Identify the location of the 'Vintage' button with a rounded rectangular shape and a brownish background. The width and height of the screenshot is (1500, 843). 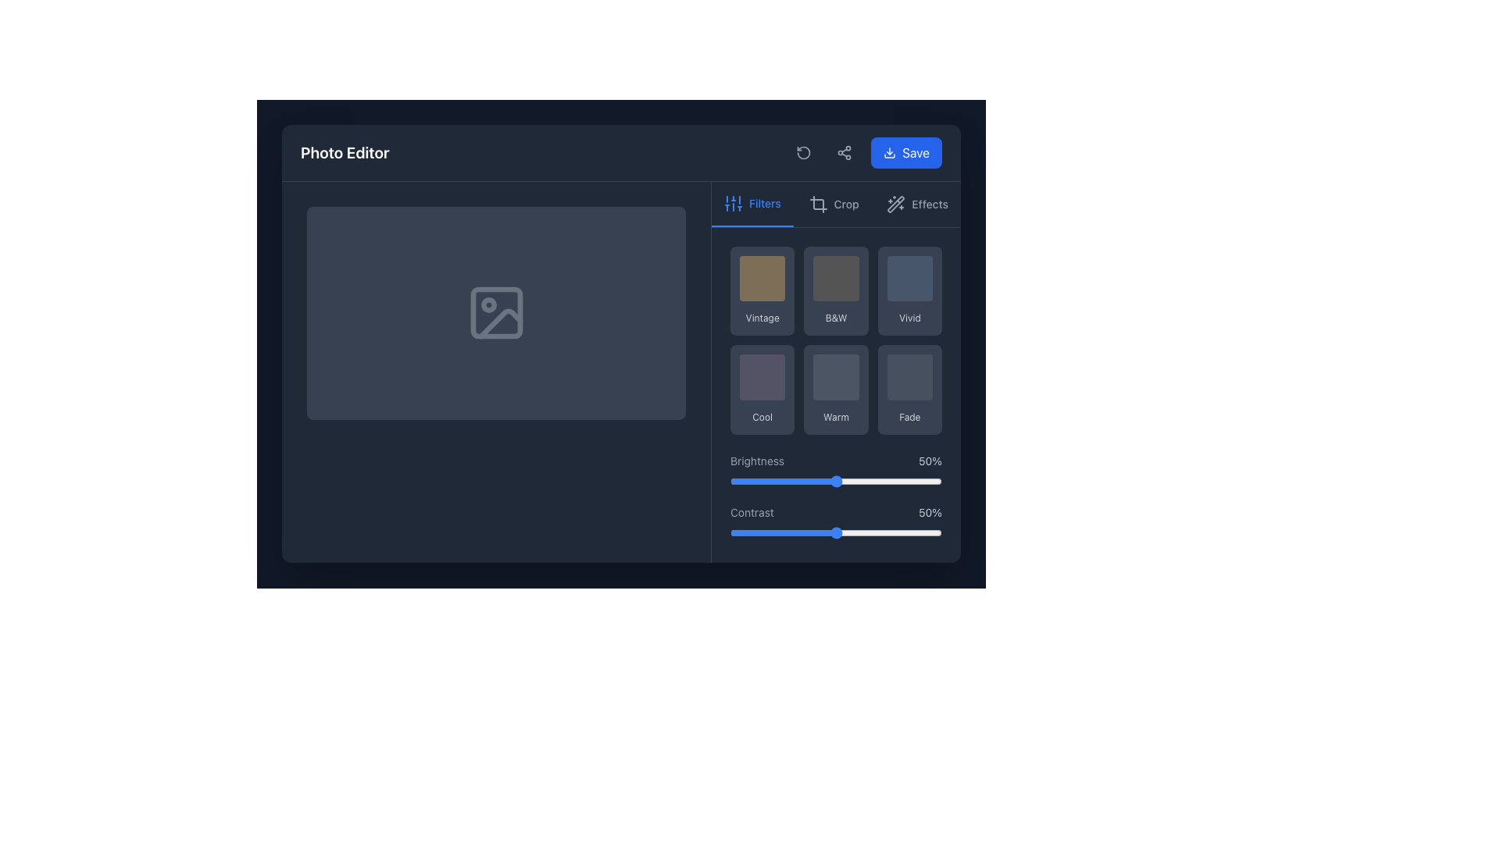
(762, 291).